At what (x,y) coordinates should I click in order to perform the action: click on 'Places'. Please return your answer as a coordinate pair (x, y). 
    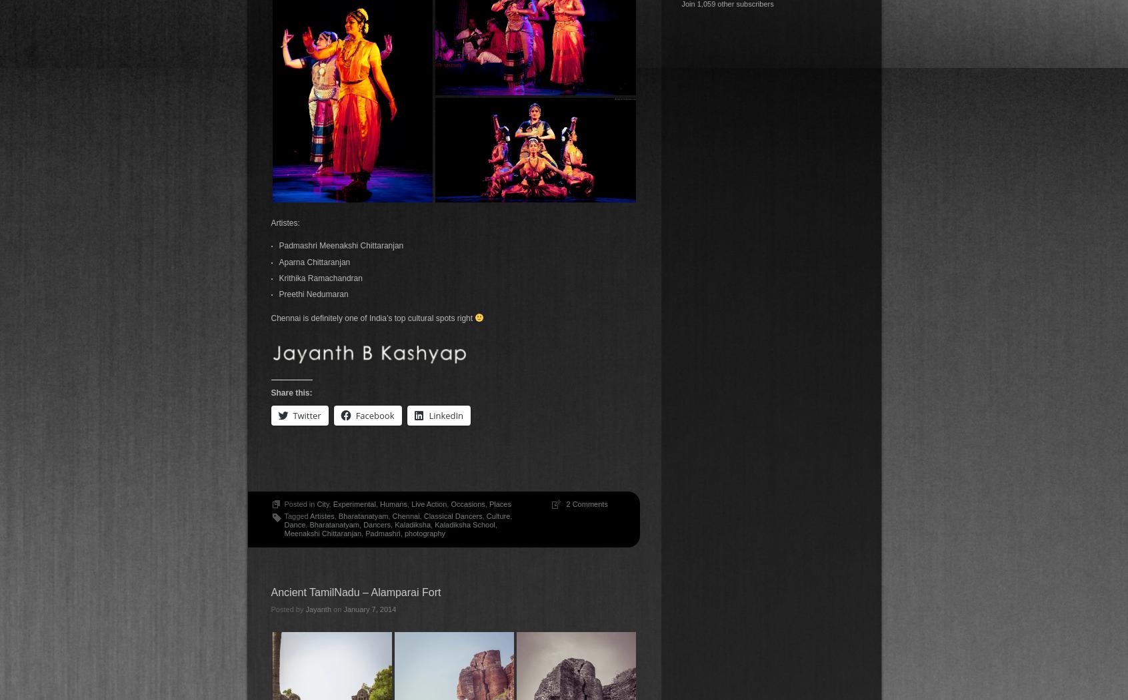
    Looking at the image, I should click on (499, 504).